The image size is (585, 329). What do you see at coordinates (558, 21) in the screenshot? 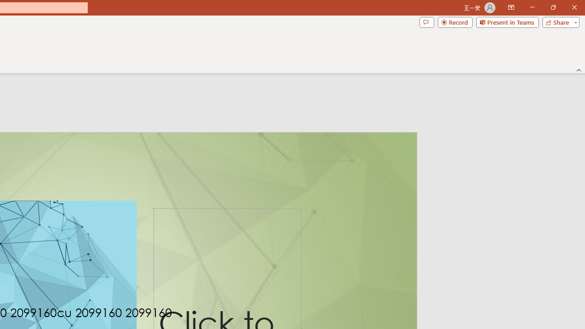
I see `'Share'` at bounding box center [558, 21].